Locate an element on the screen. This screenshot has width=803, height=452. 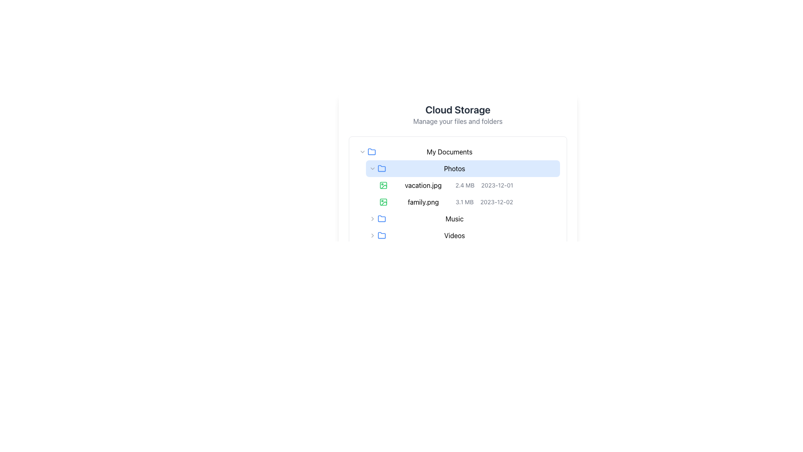
the folder icon with a blue outline that is positioned at the start of the 'Photos' list item under 'My Documents' is located at coordinates (381, 235).